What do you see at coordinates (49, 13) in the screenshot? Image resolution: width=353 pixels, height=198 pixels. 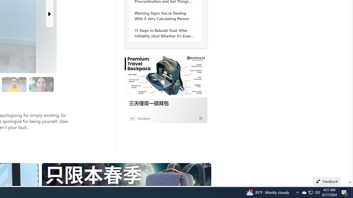 I see `'Next Slide'` at bounding box center [49, 13].